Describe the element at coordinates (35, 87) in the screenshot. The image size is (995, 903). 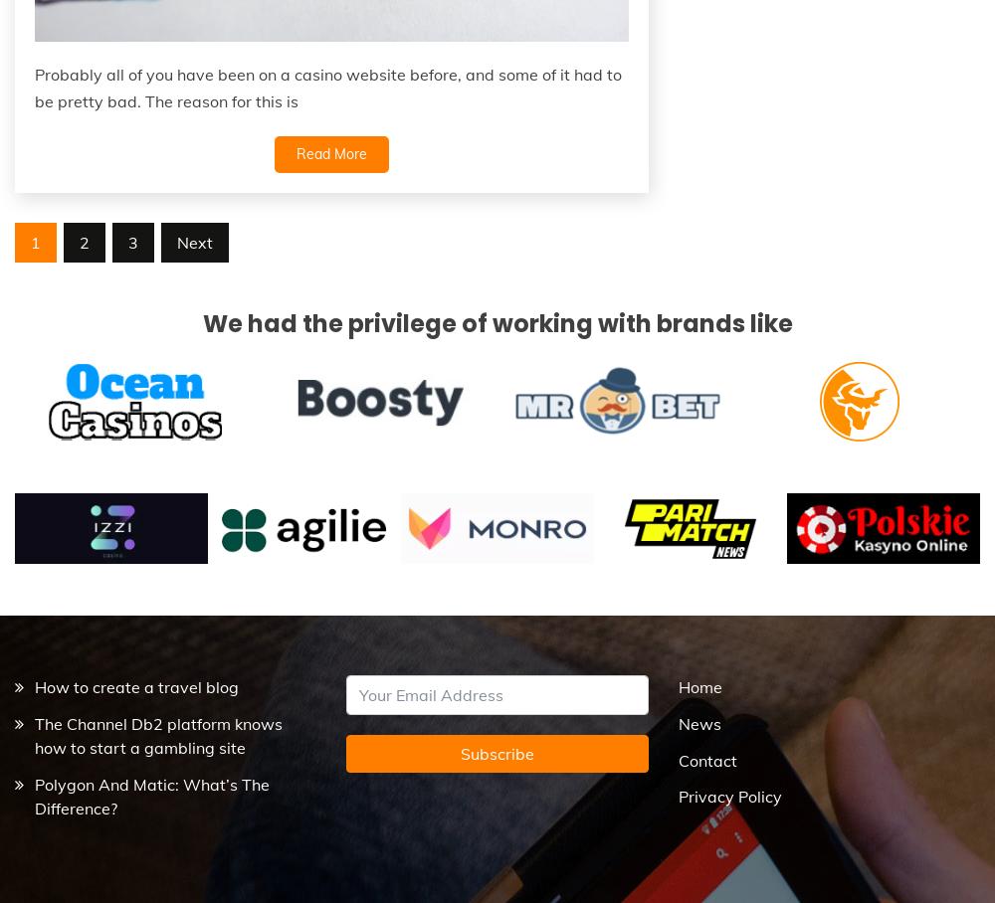
I see `'Probably all of you have been on a casino website before, and some of it had to be pretty bad. The reason for this is'` at that location.